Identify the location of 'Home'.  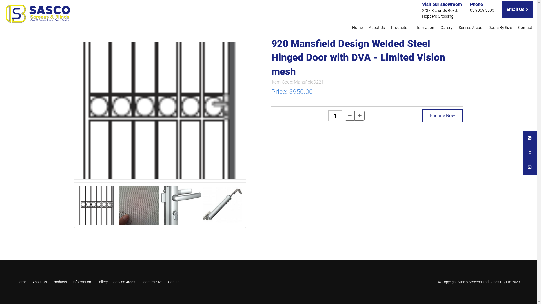
(22, 282).